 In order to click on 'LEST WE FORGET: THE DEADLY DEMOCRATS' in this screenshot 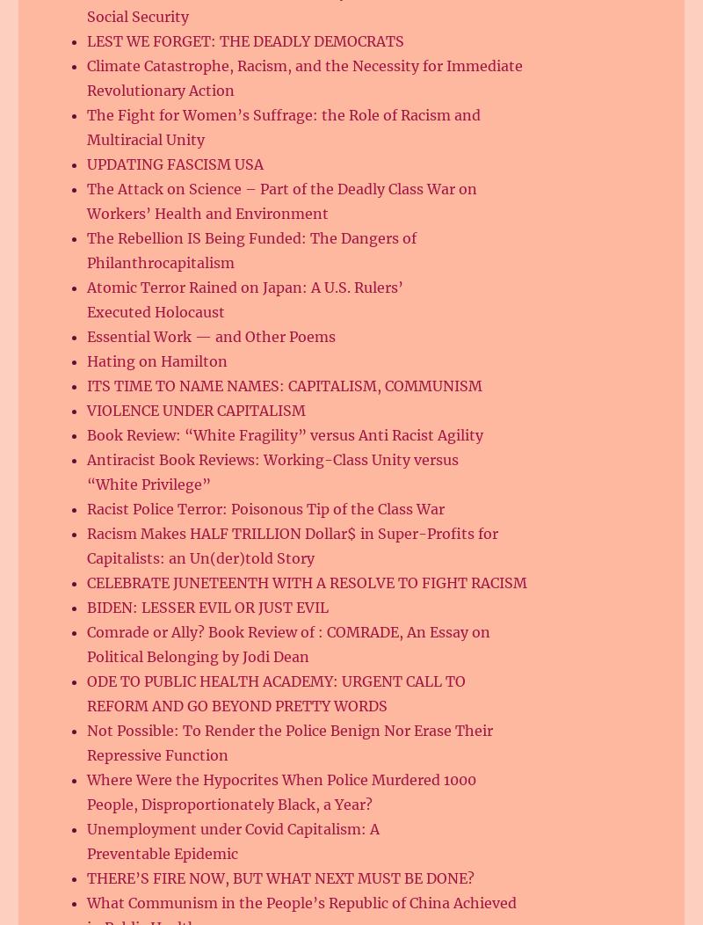, I will do `click(86, 40)`.